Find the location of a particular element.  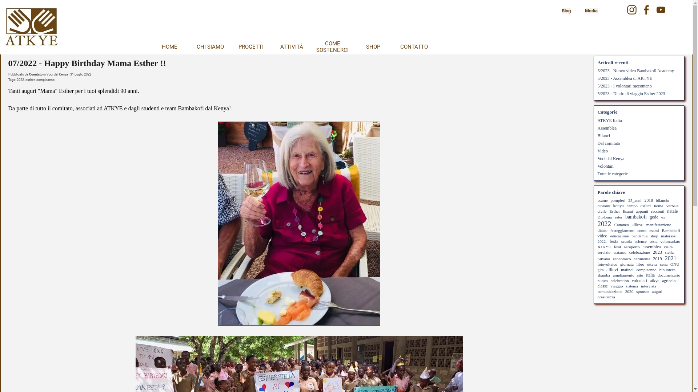

'giornata' is located at coordinates (626, 264).